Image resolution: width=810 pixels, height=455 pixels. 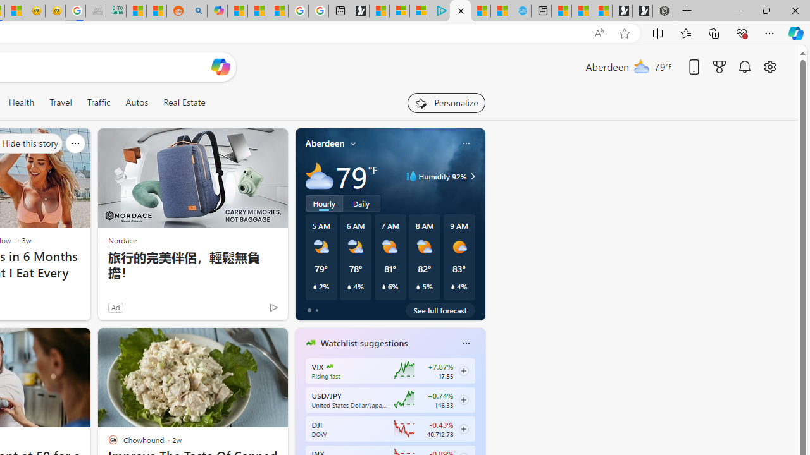 I want to click on 'Traffic', so click(x=98, y=102).